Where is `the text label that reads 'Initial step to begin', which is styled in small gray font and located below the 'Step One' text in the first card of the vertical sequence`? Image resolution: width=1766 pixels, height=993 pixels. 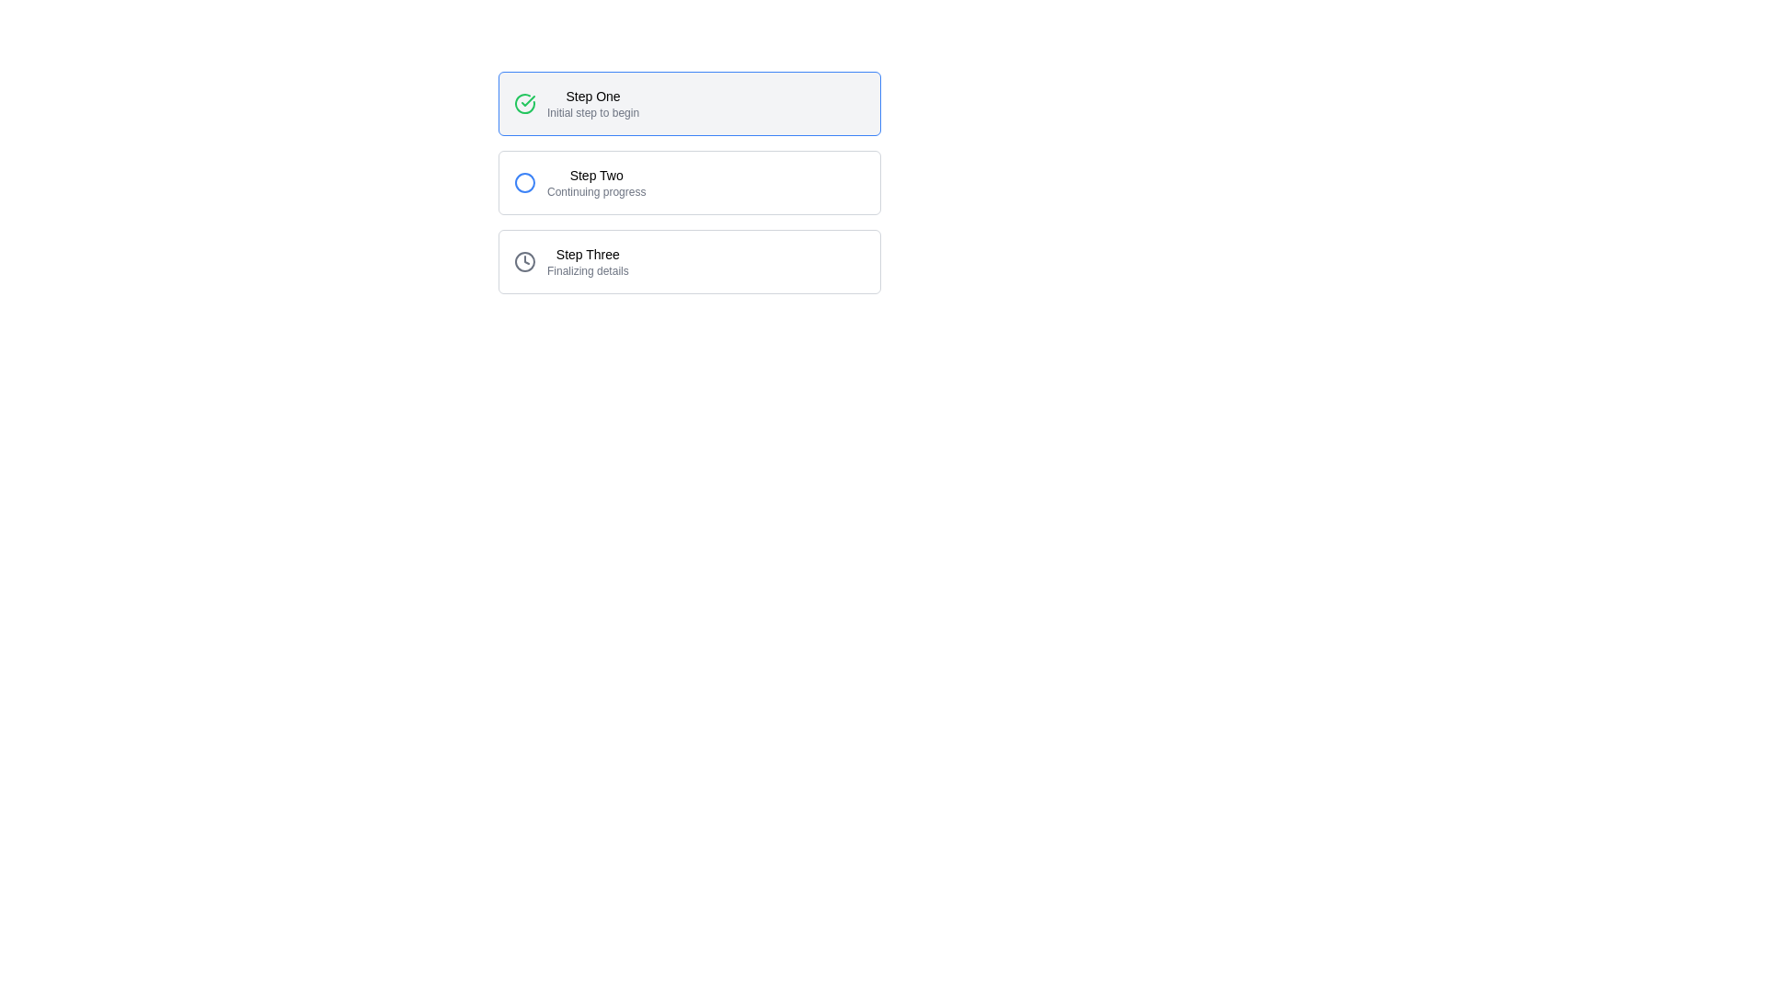
the text label that reads 'Initial step to begin', which is styled in small gray font and located below the 'Step One' text in the first card of the vertical sequence is located at coordinates (593, 113).